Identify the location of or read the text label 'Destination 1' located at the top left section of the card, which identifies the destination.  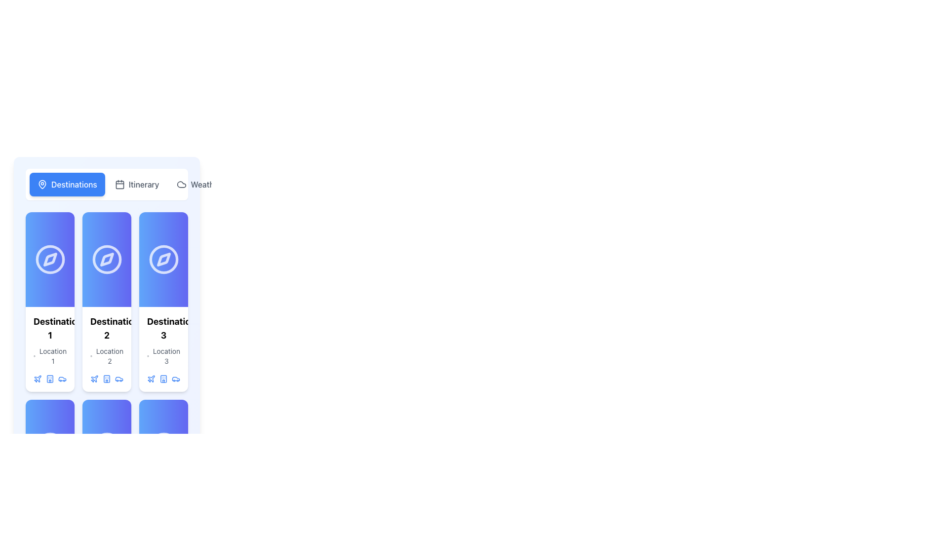
(49, 329).